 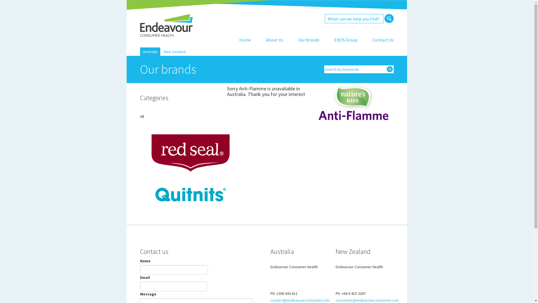 What do you see at coordinates (309, 40) in the screenshot?
I see `'Our Brands'` at bounding box center [309, 40].